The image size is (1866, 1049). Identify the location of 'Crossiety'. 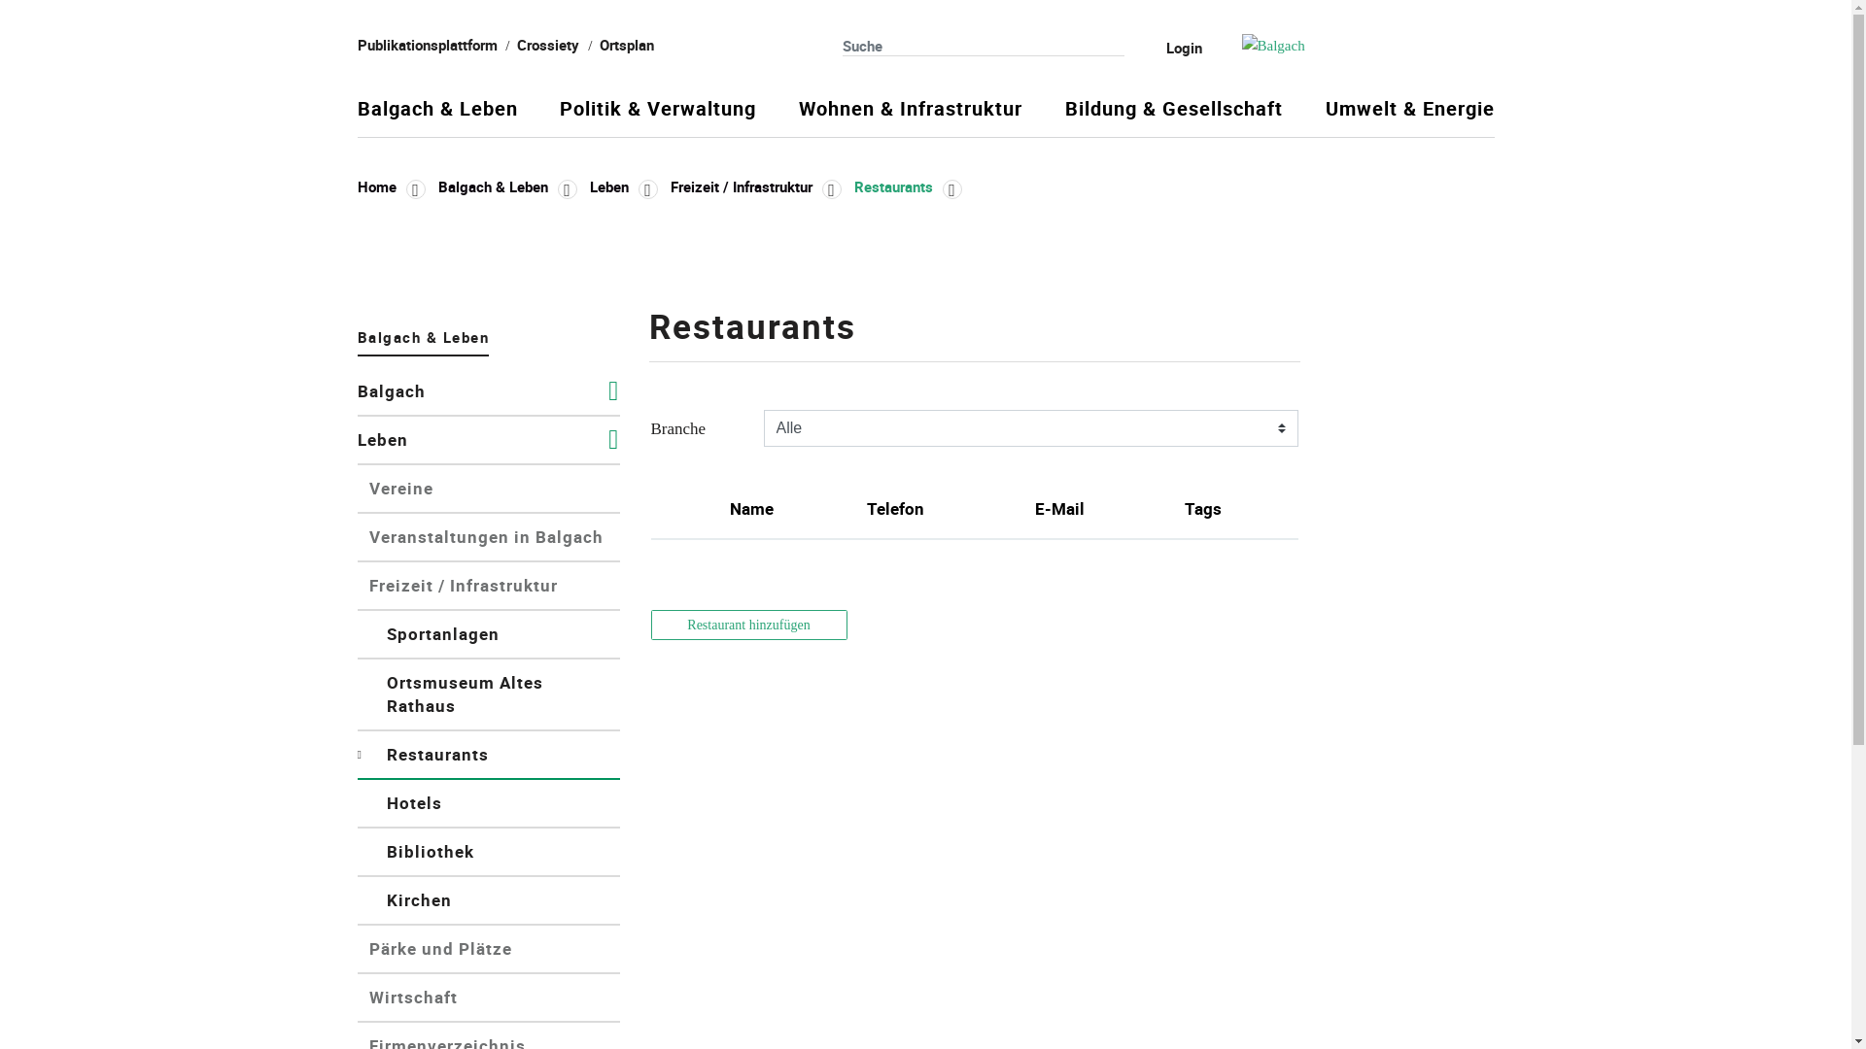
(547, 44).